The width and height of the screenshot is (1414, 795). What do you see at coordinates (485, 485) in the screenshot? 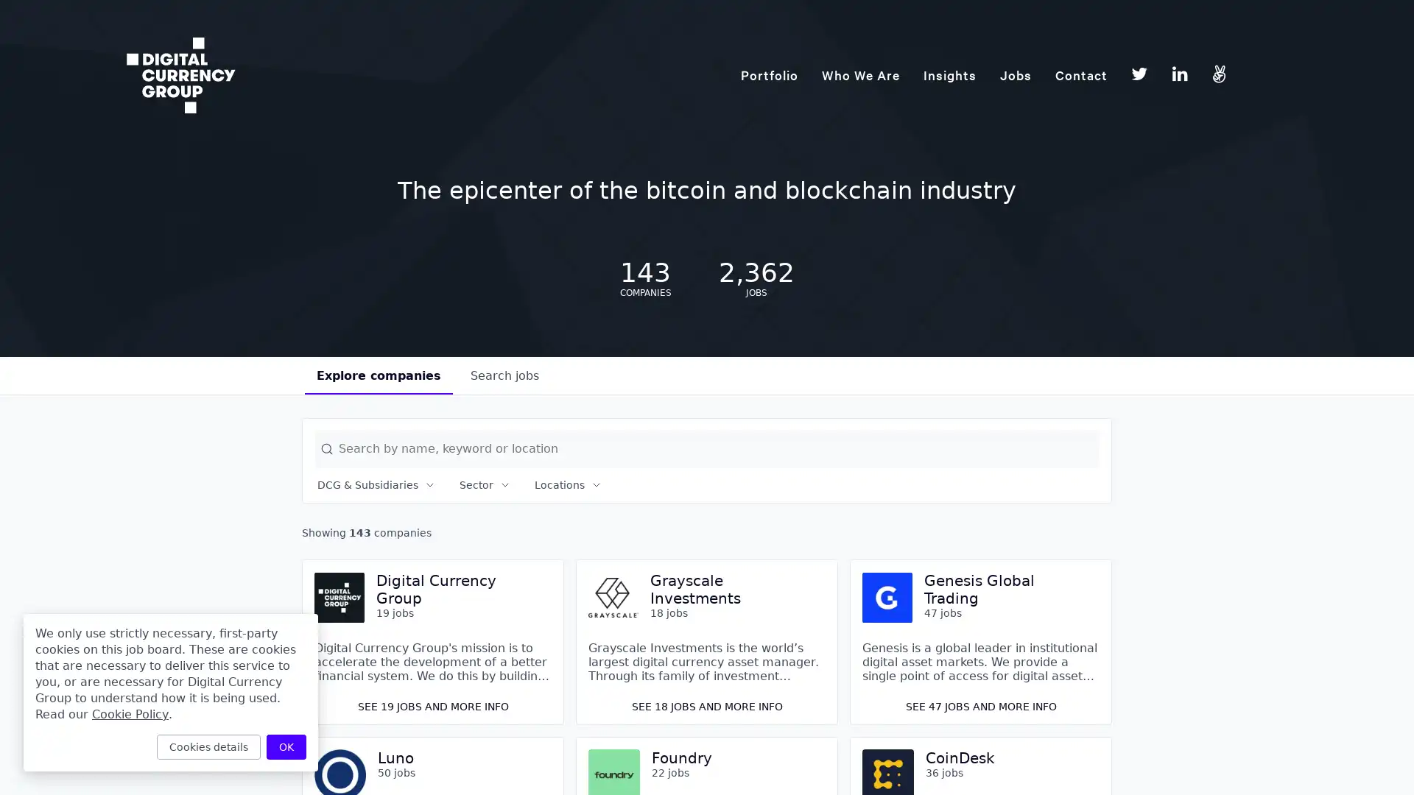
I see `Sector` at bounding box center [485, 485].